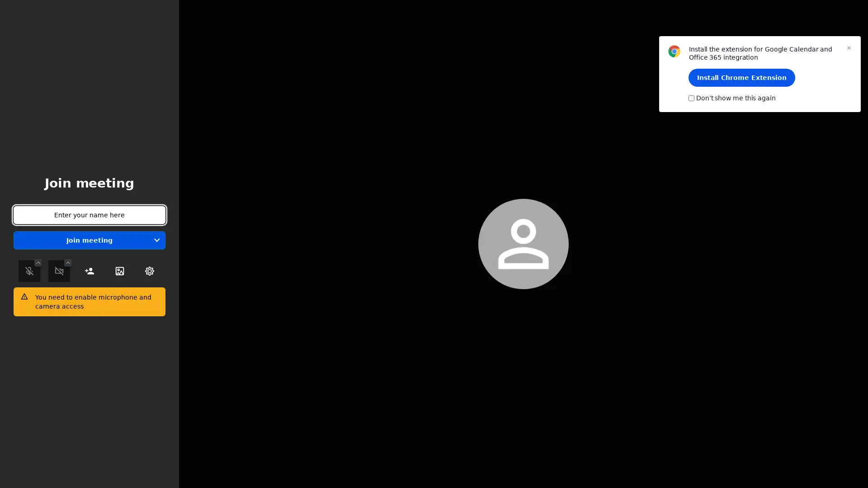 Image resolution: width=868 pixels, height=488 pixels. I want to click on Join without audio, so click(156, 240).